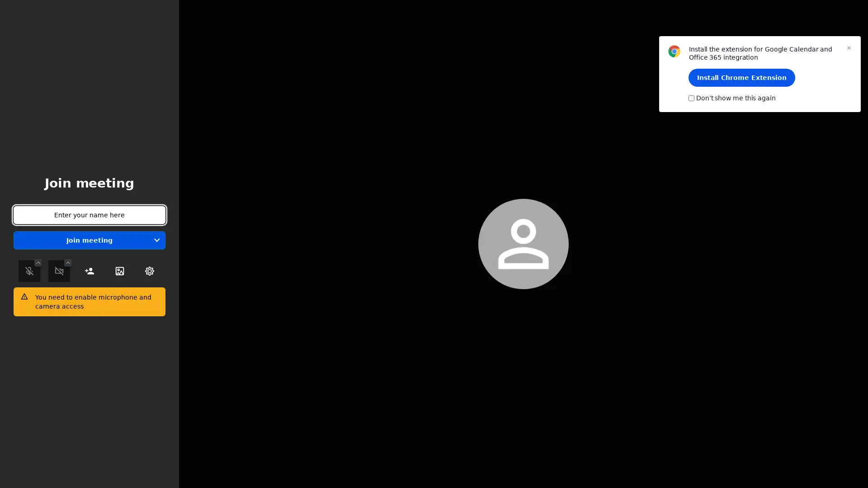 Image resolution: width=868 pixels, height=488 pixels. I want to click on Join without audio, so click(156, 240).